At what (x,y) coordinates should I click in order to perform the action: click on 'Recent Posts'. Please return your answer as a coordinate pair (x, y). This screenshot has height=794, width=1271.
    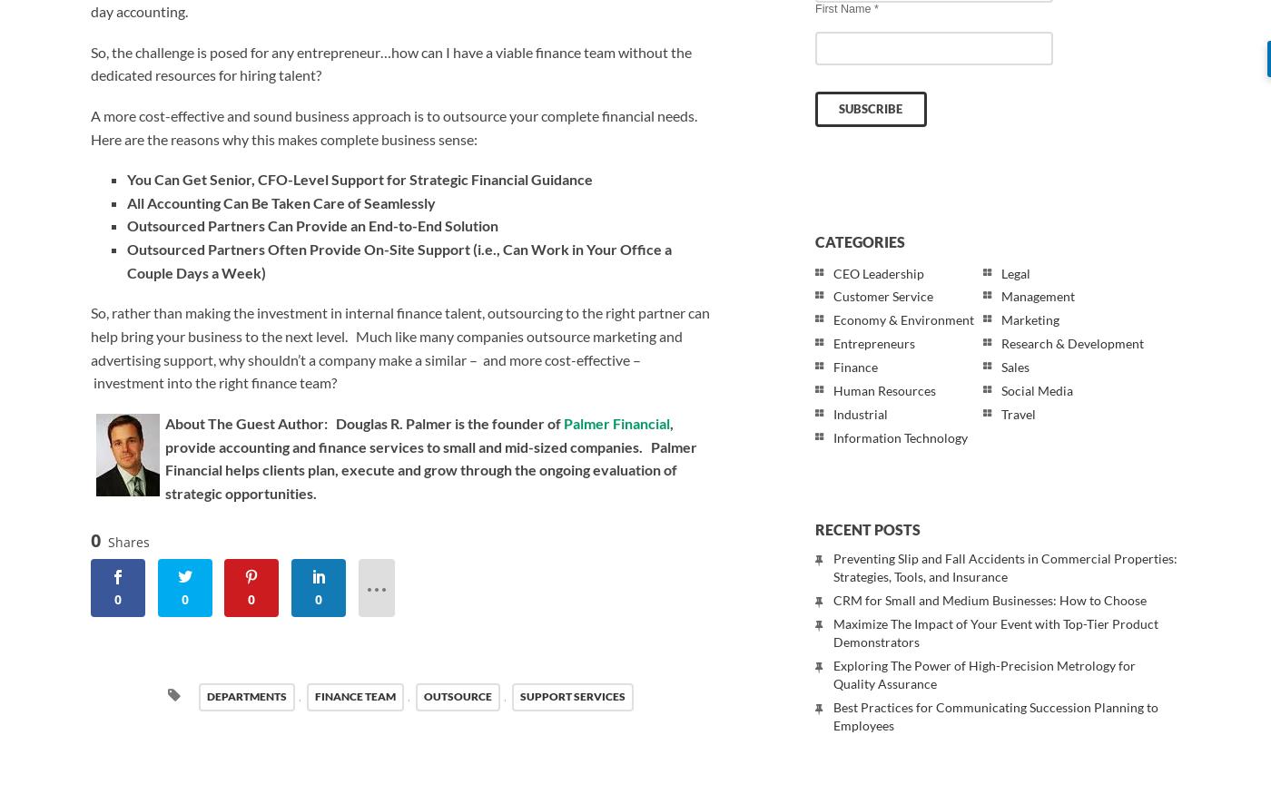
    Looking at the image, I should click on (865, 529).